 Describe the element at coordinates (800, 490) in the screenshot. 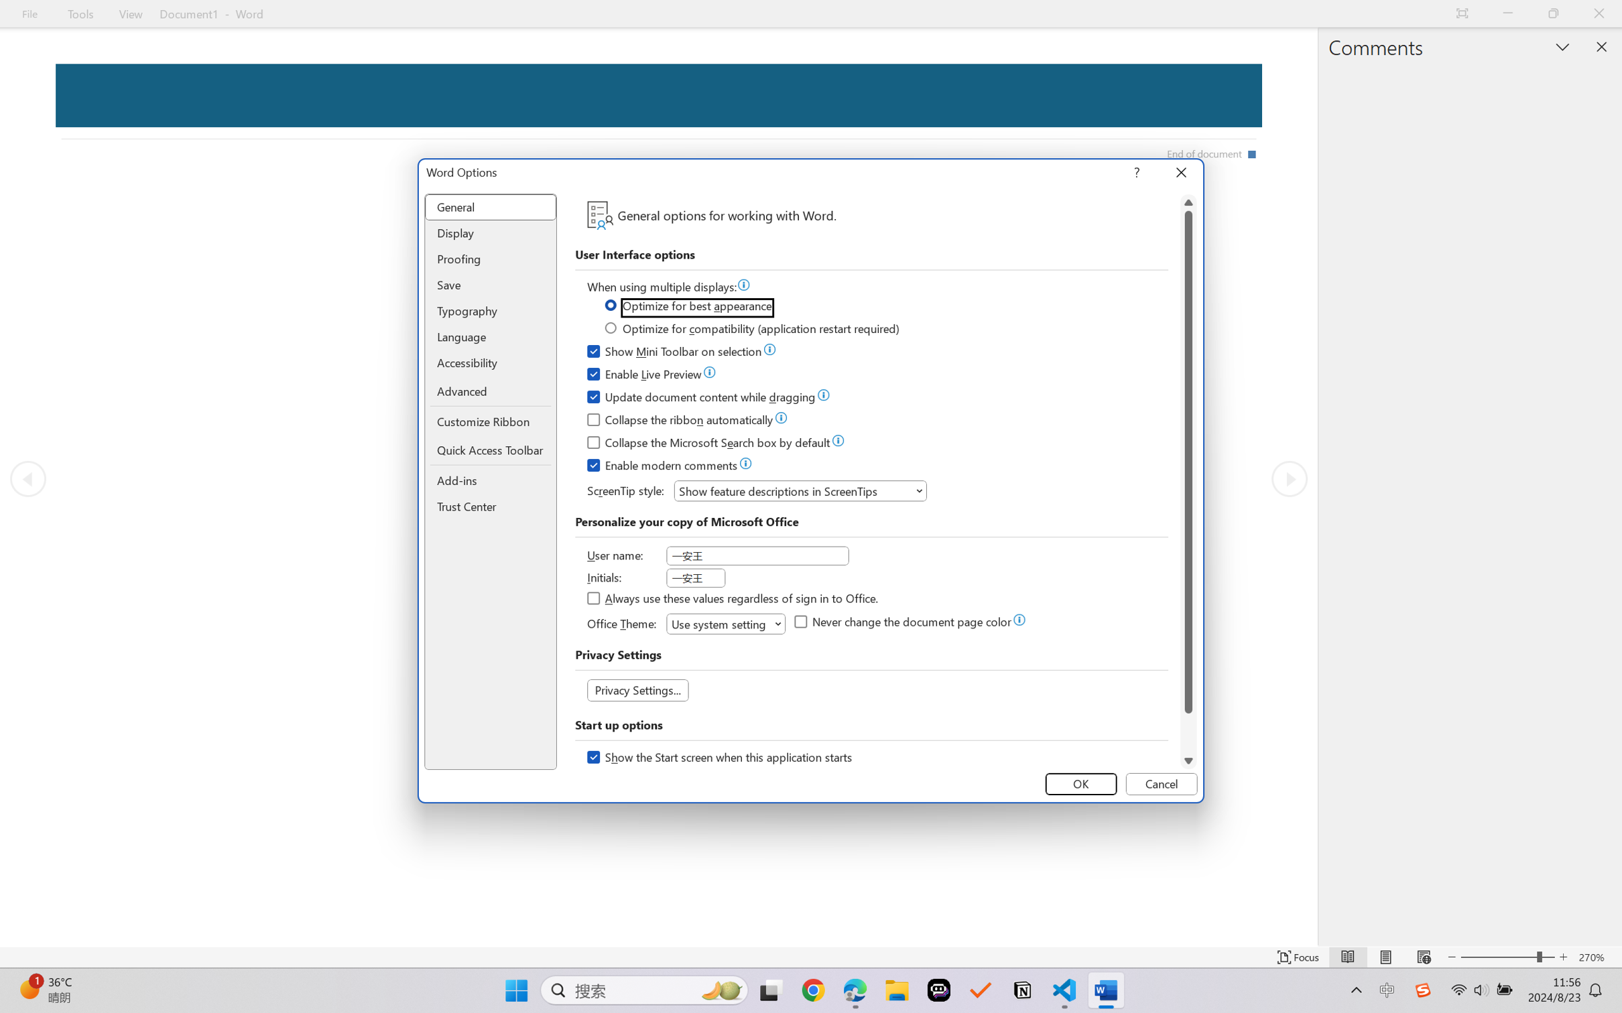

I see `'ScreenTip style'` at that location.